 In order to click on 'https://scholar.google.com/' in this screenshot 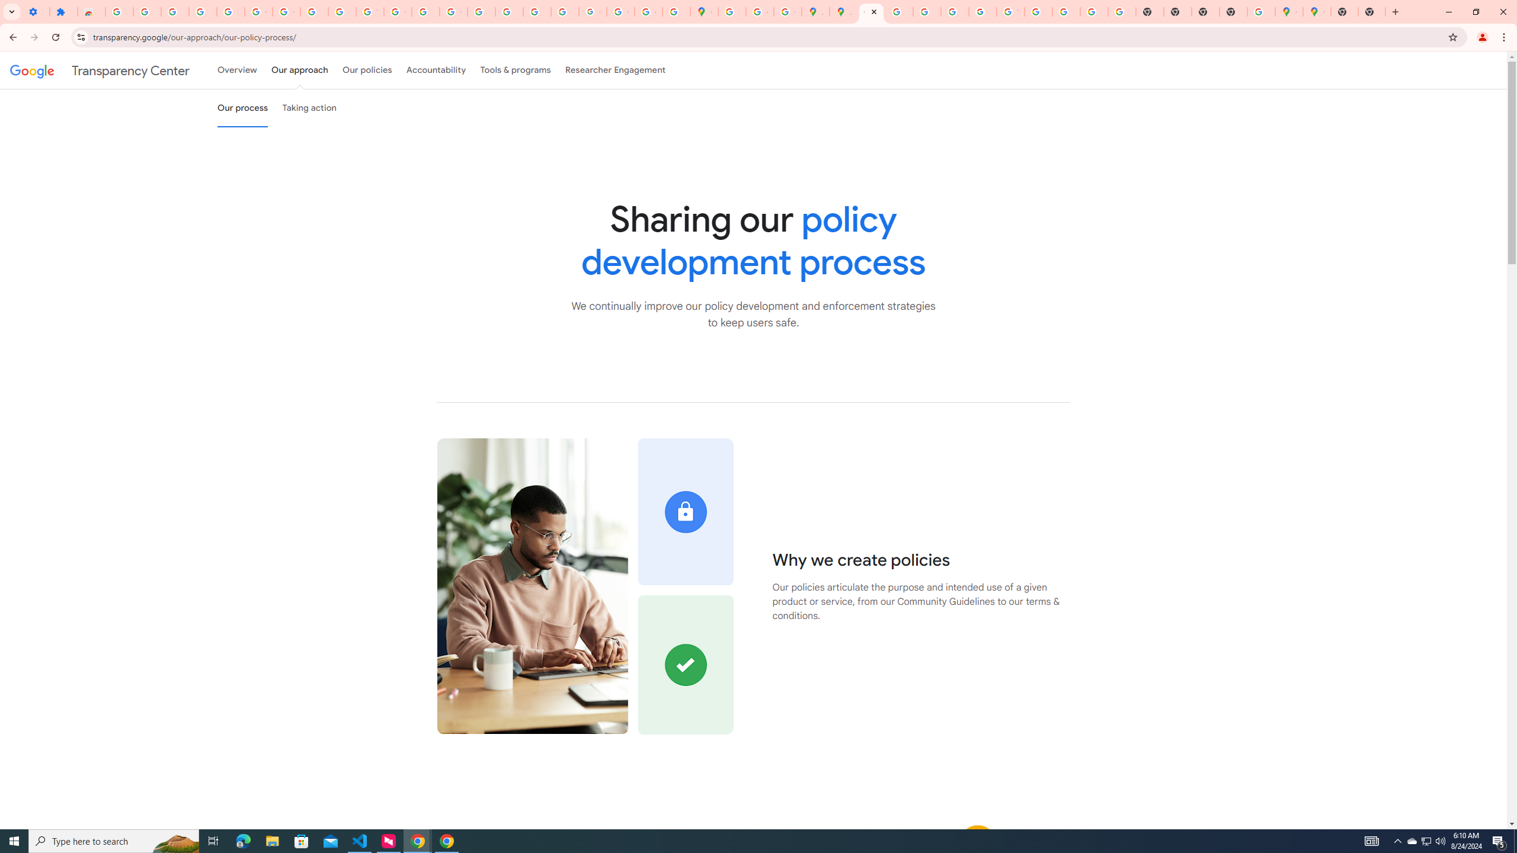, I will do `click(425, 11)`.